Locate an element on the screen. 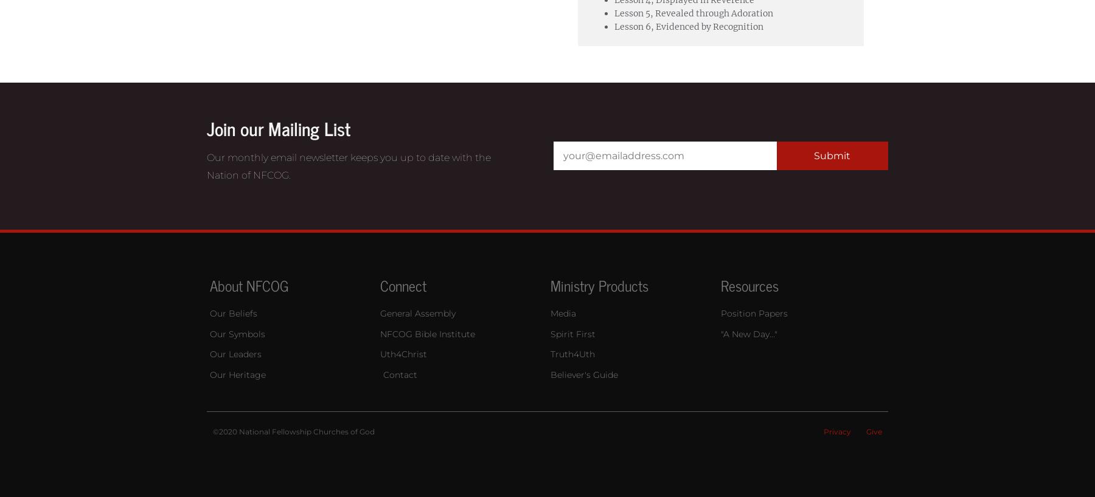  'Spirit First' is located at coordinates (572, 332).